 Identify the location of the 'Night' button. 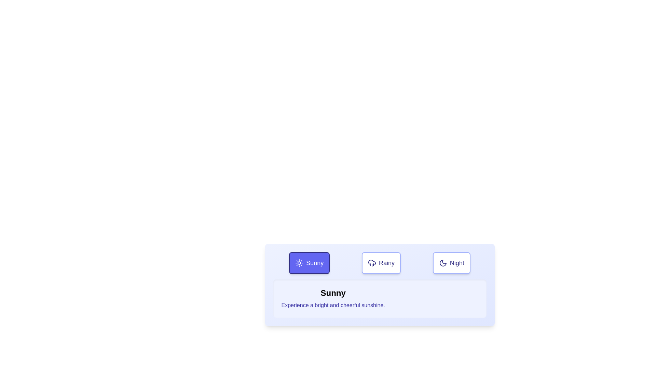
(451, 263).